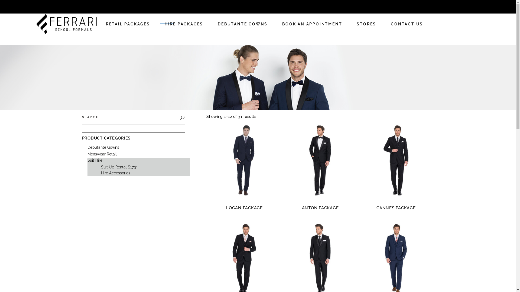  I want to click on 'Menswear Retail', so click(102, 154).